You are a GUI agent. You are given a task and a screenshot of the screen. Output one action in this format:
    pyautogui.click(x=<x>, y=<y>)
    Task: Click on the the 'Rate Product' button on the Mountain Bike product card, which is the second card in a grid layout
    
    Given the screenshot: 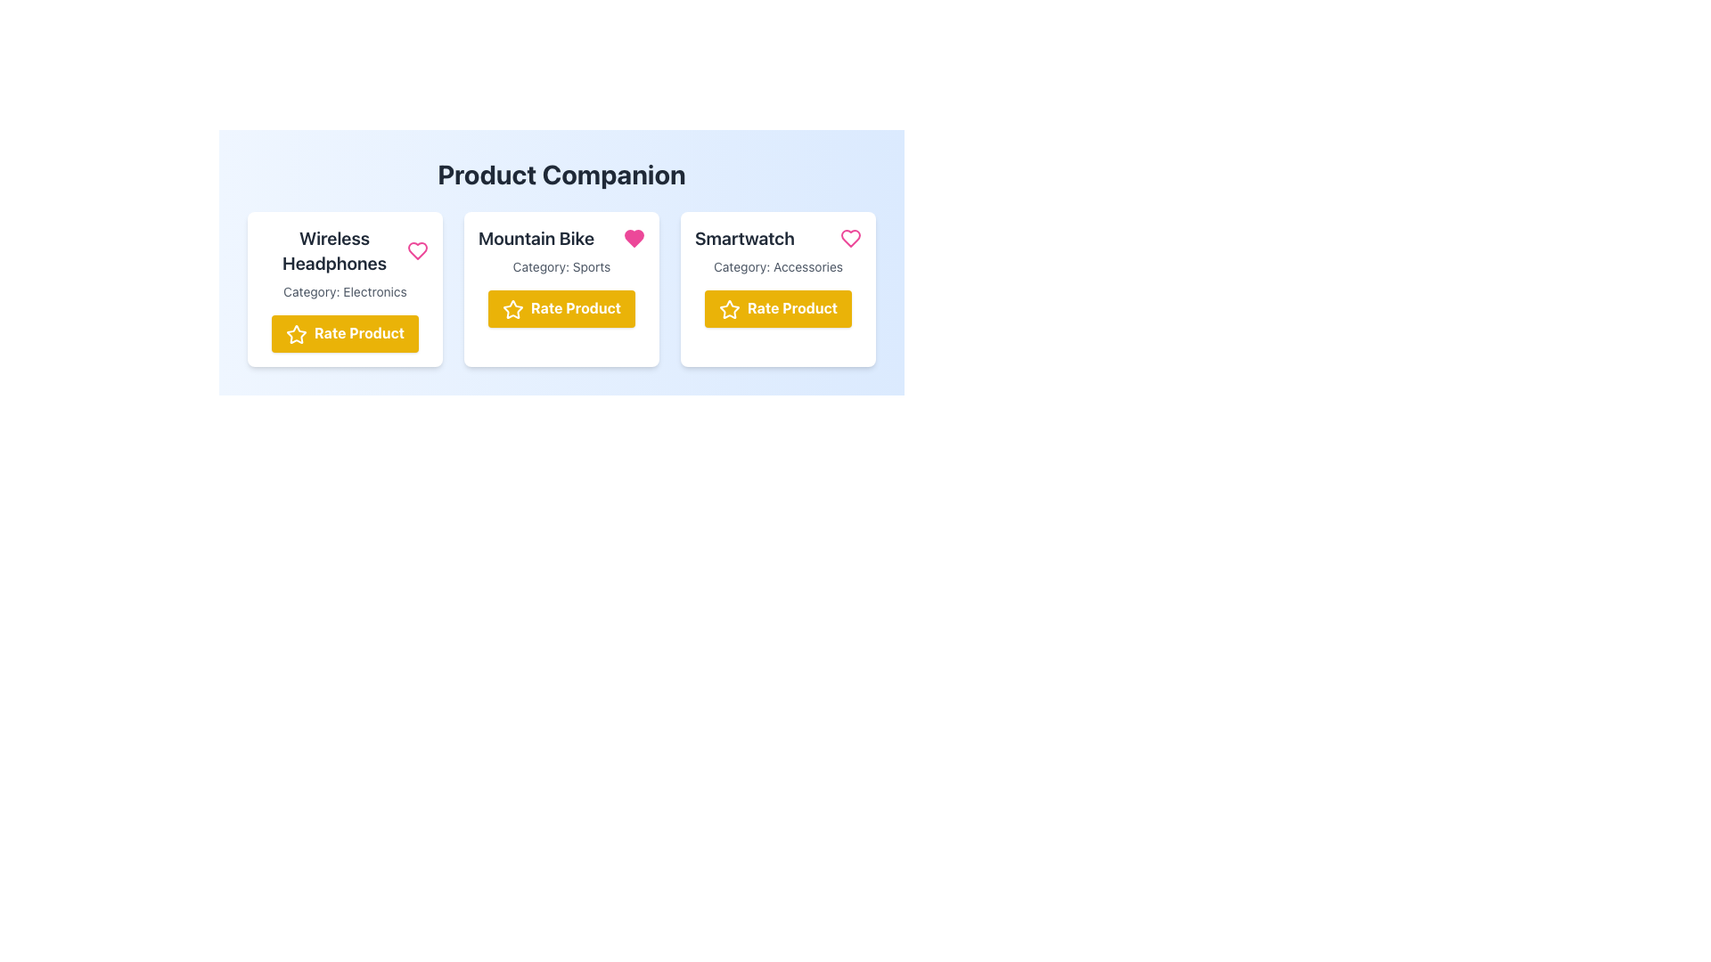 What is the action you would take?
    pyautogui.click(x=561, y=288)
    